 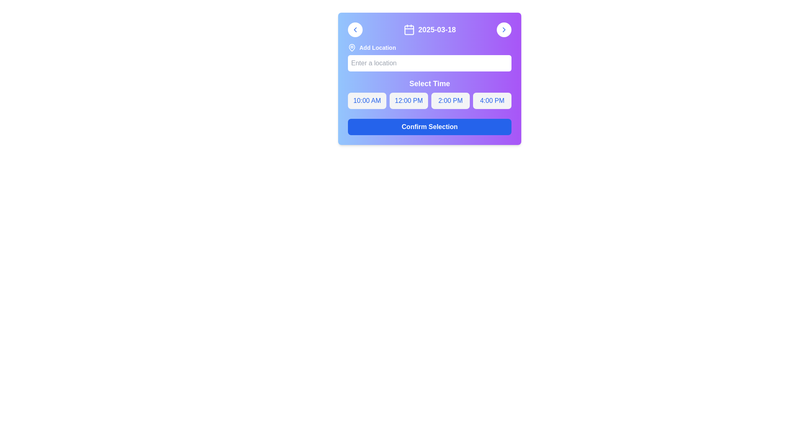 I want to click on the decorative calendar icon located to the left of the text '2025-03-18' at the top section of the interface, so click(x=409, y=29).